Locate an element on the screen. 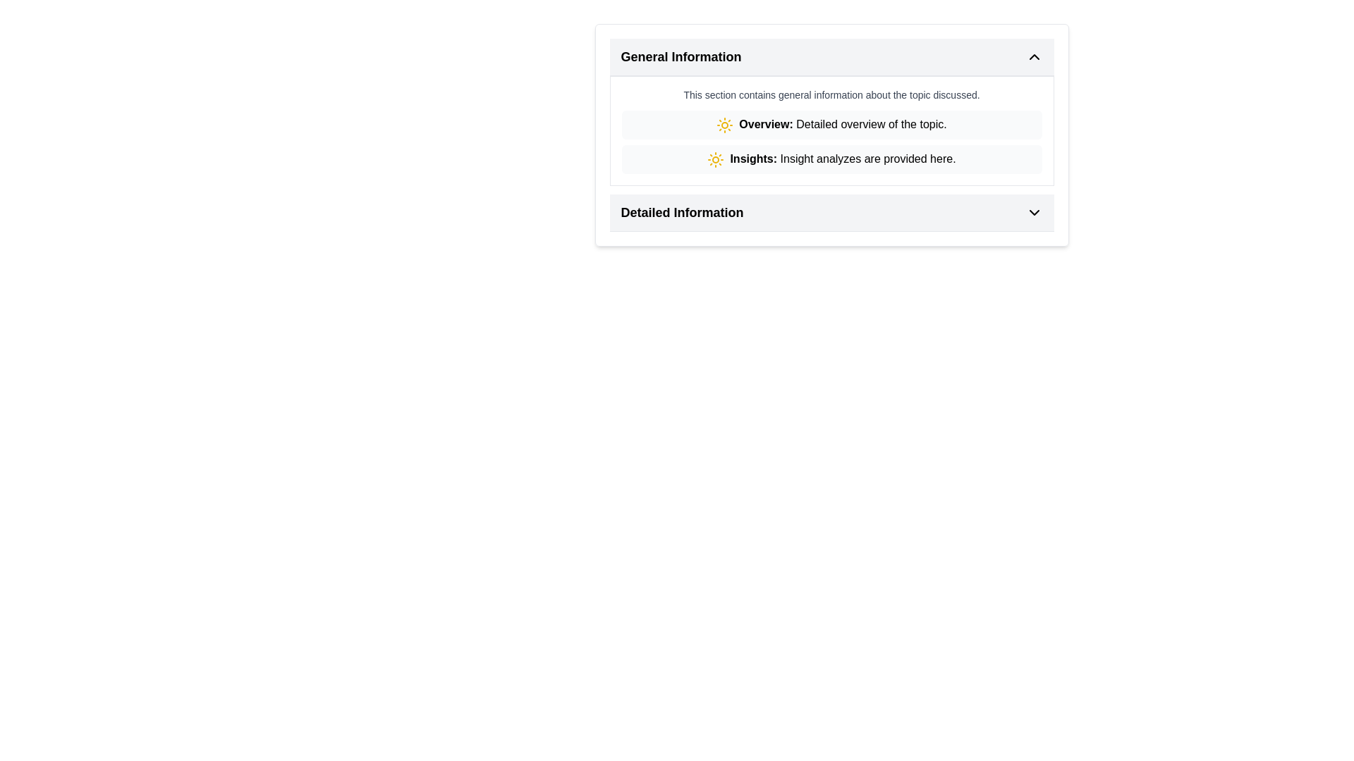  the up-pointing chevron icon located in the upper-right corner of the 'General Information' section is located at coordinates (1034, 56).